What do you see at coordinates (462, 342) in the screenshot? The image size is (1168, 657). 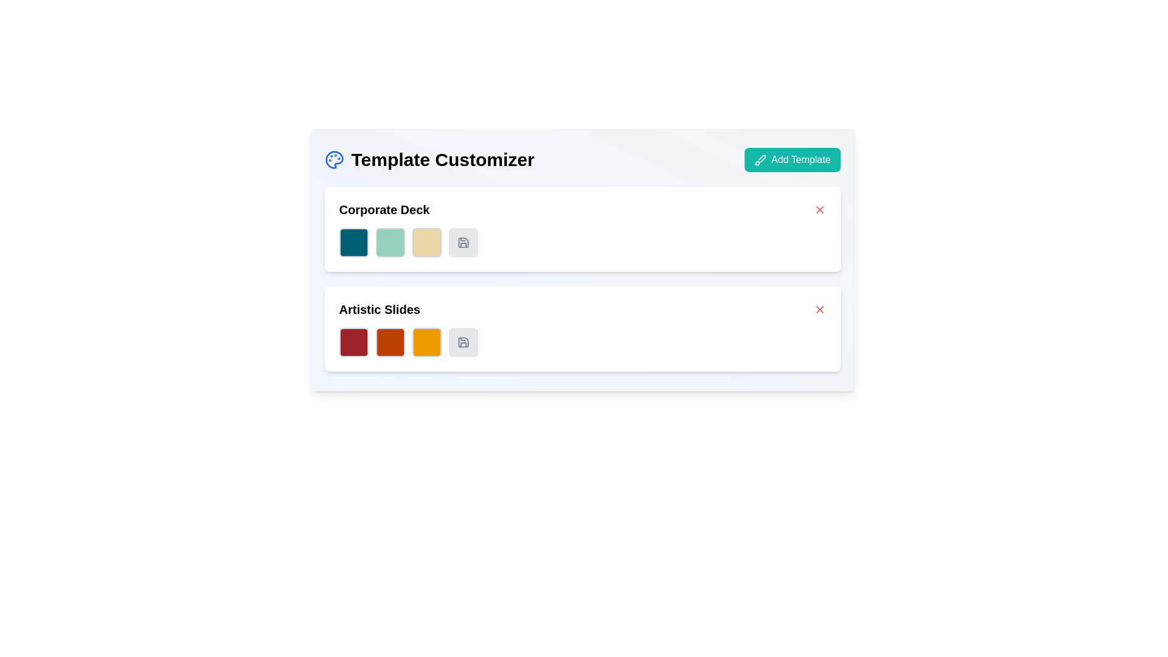 I see `the fourth button in the 'Artistic Slides' row, which has a dashed border and a save icon` at bounding box center [462, 342].